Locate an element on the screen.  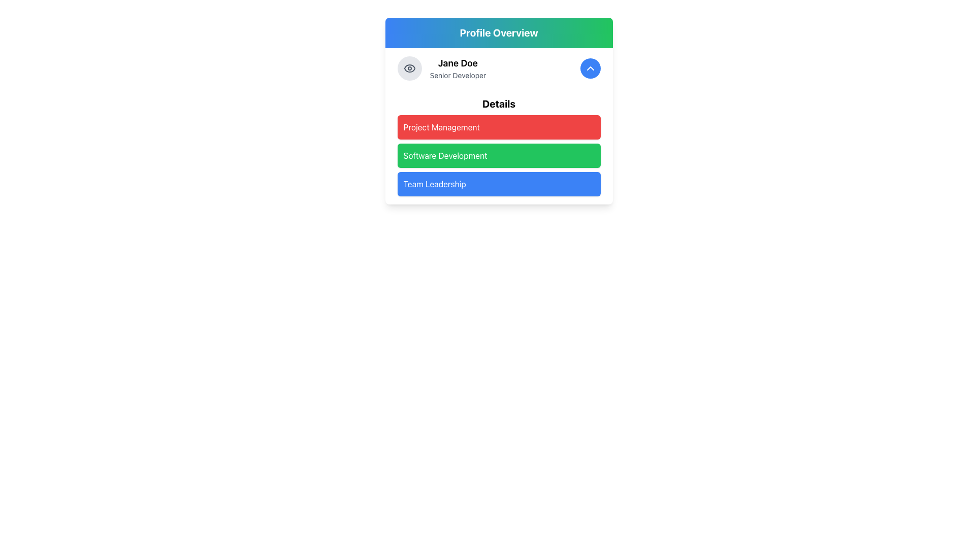
information displayed in the user profile summary for 'Jane Doe', which includes her title 'Senior Developer' and details about her responsibilities such as 'Project Management', 'Software Development', and 'Team Leadership' is located at coordinates (499, 111).